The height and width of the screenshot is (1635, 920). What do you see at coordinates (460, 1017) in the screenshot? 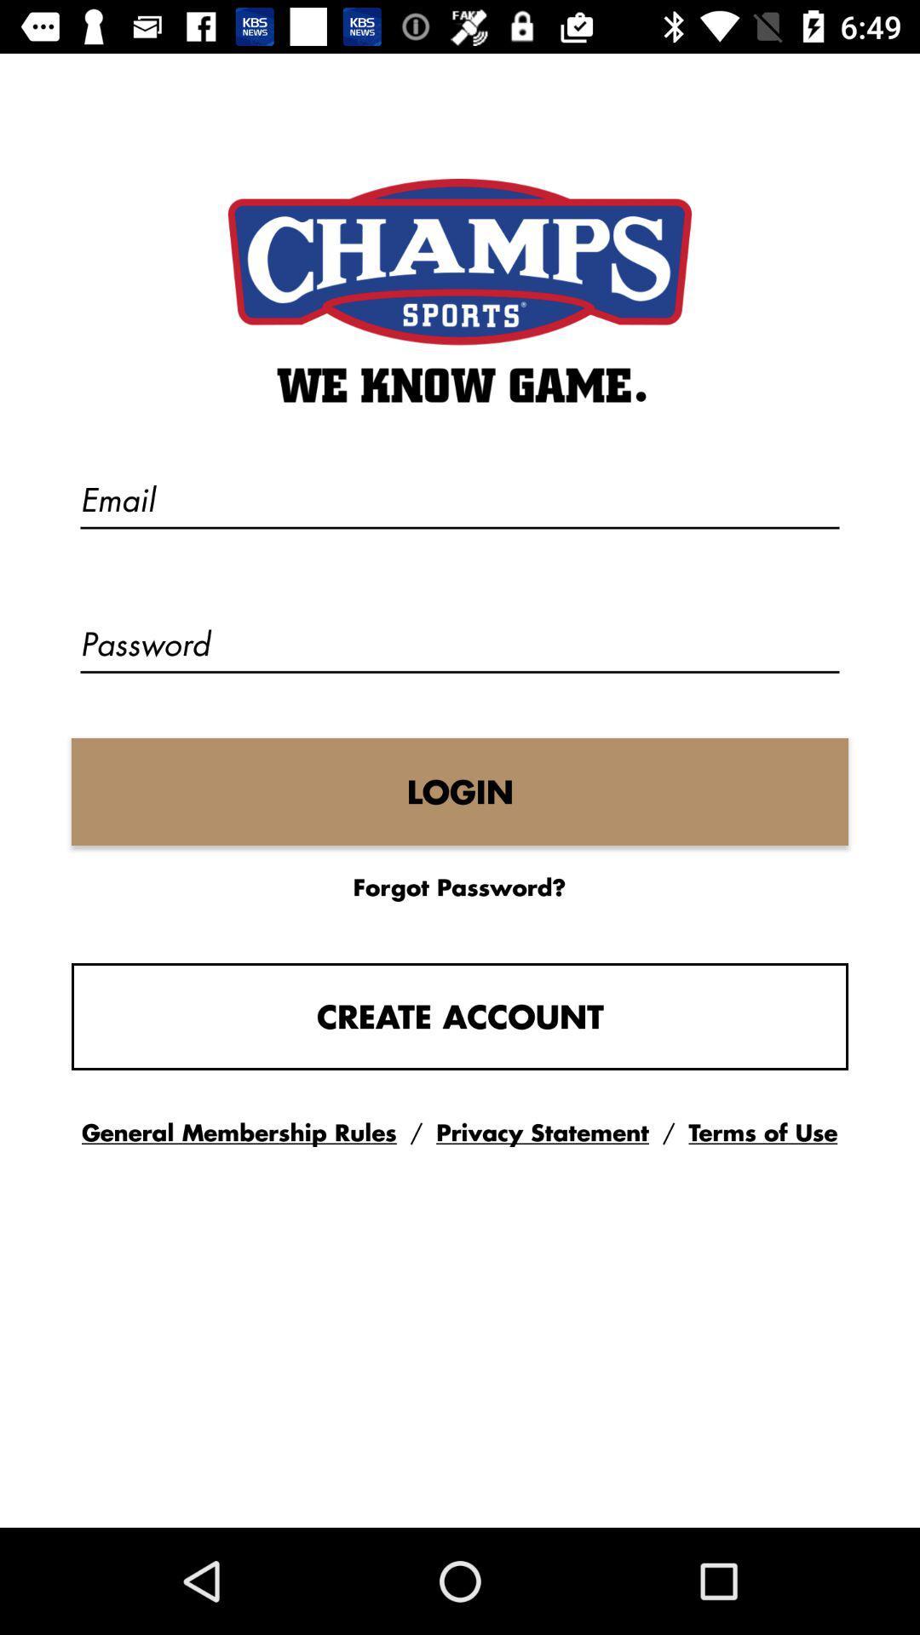
I see `create account` at bounding box center [460, 1017].